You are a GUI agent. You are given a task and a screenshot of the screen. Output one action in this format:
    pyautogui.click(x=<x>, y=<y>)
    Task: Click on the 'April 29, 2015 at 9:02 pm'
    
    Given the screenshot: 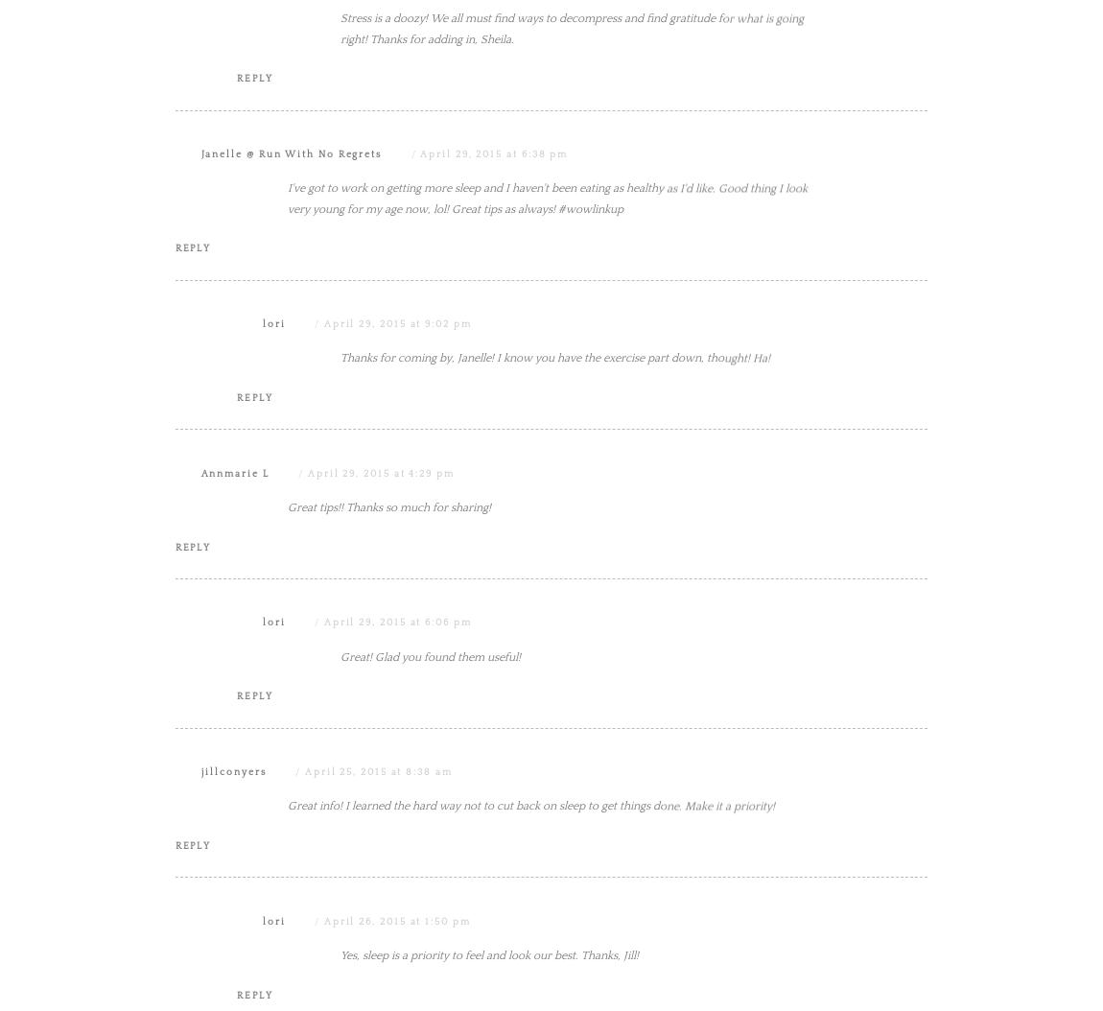 What is the action you would take?
    pyautogui.click(x=397, y=517)
    